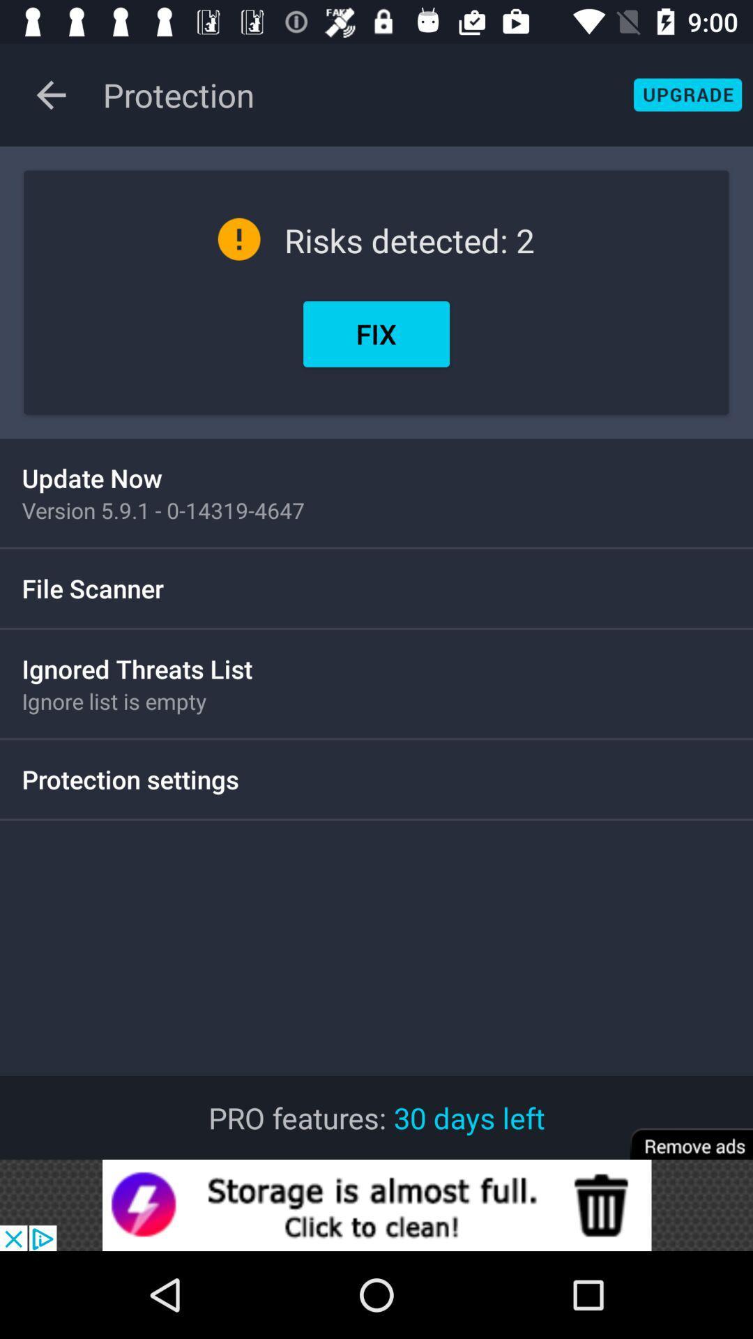 The height and width of the screenshot is (1339, 753). What do you see at coordinates (687, 94) in the screenshot?
I see `upgrade button` at bounding box center [687, 94].